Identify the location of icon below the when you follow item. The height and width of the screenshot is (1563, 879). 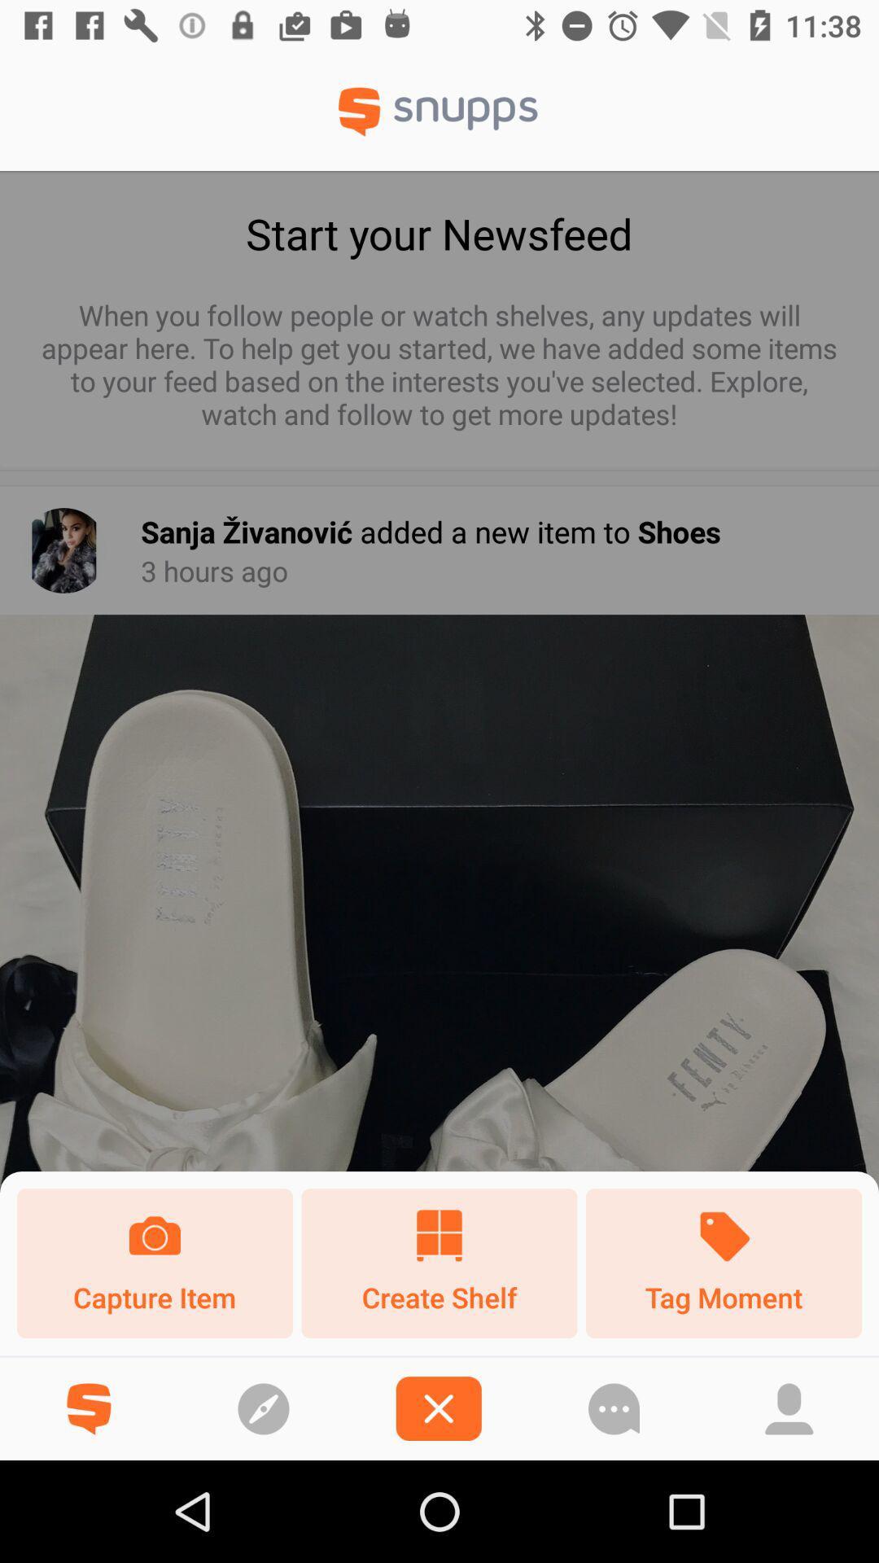
(63, 550).